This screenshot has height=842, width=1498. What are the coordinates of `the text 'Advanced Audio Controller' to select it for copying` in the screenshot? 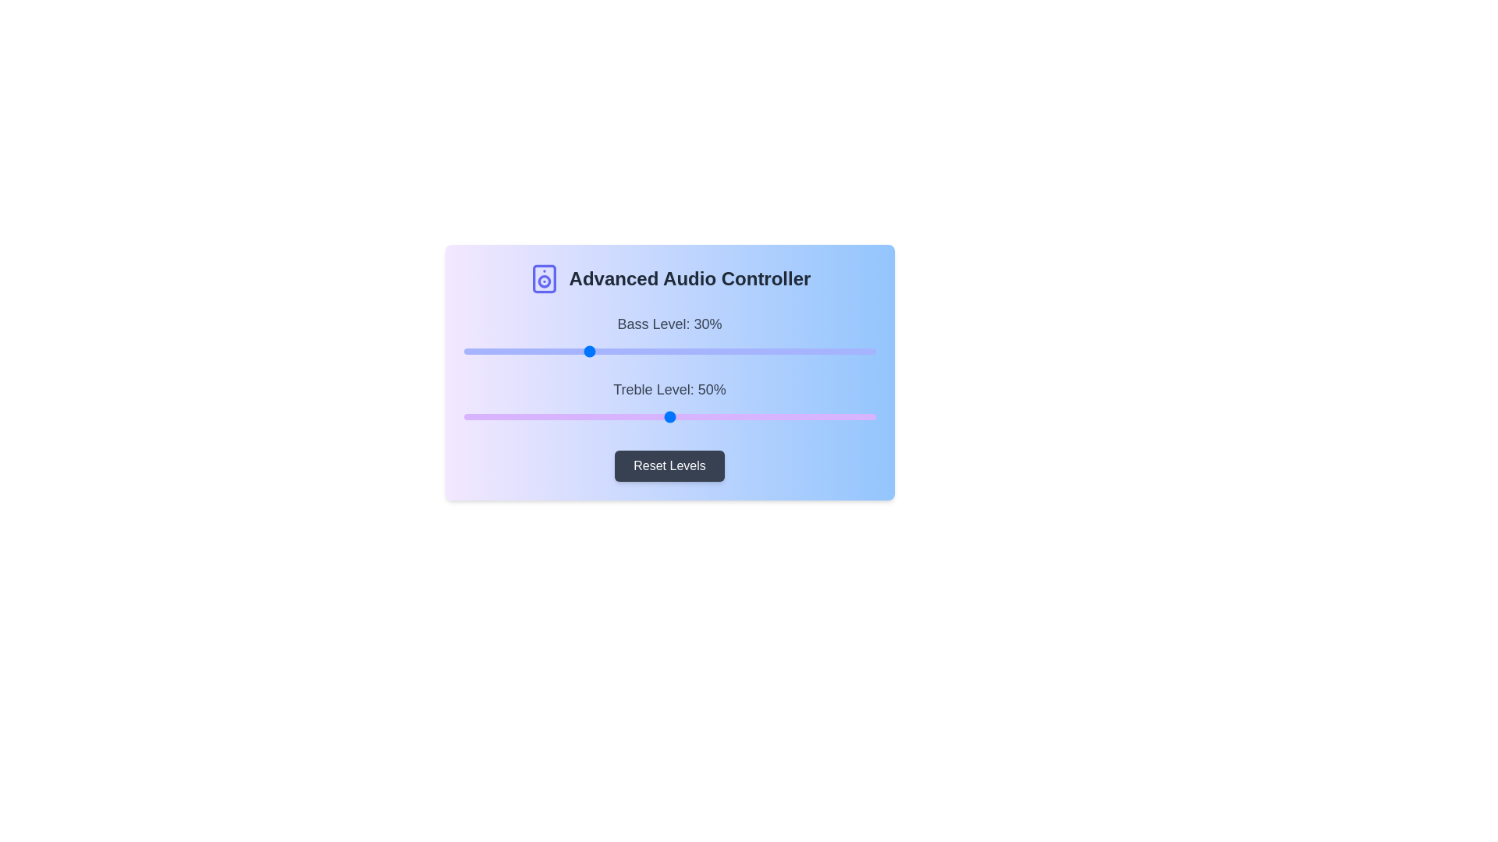 It's located at (669, 278).